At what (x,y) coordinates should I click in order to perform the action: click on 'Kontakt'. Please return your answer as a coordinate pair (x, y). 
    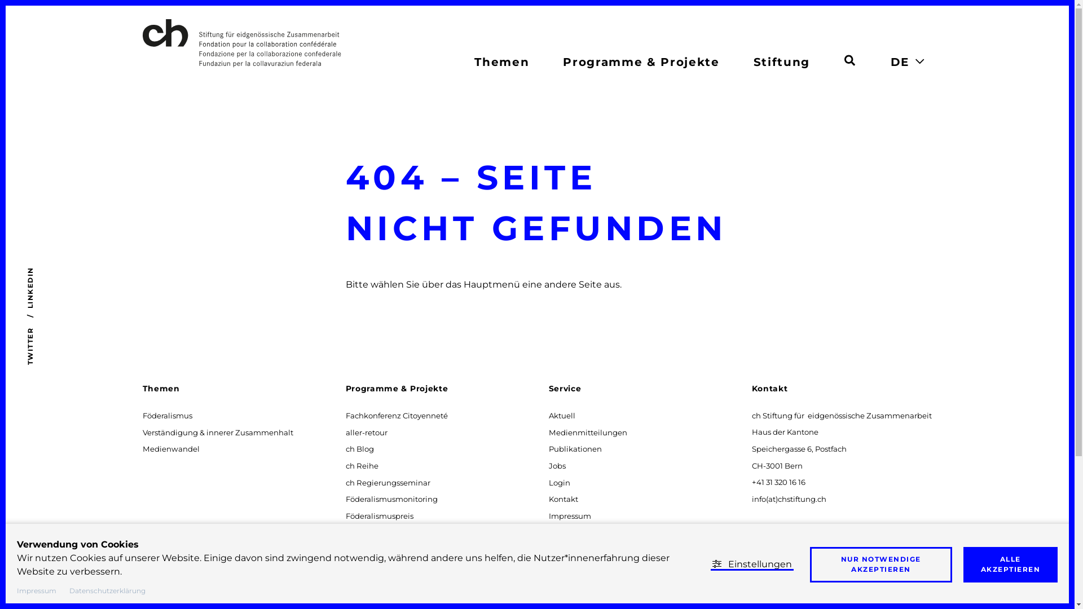
    Looking at the image, I should click on (563, 498).